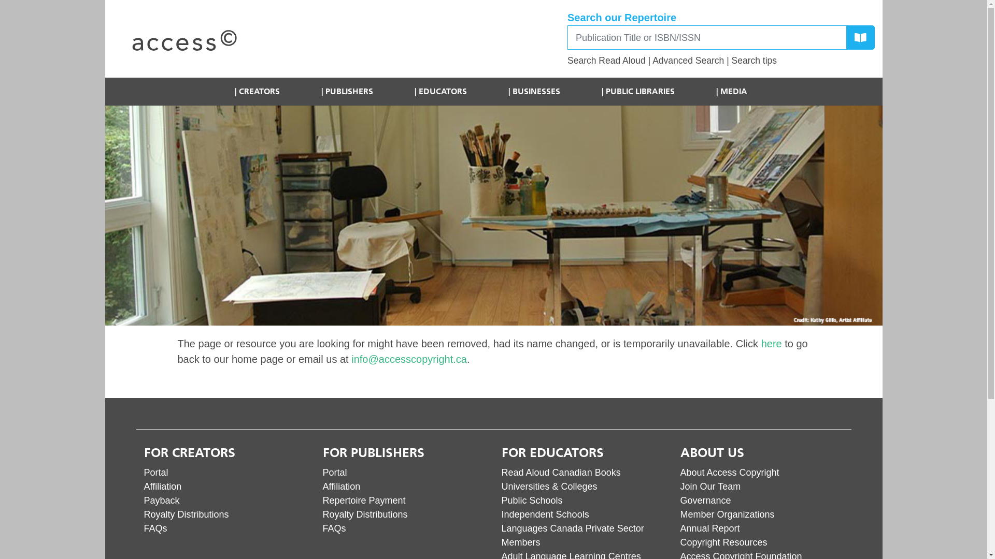  Describe the element at coordinates (161, 500) in the screenshot. I see `'Payback'` at that location.